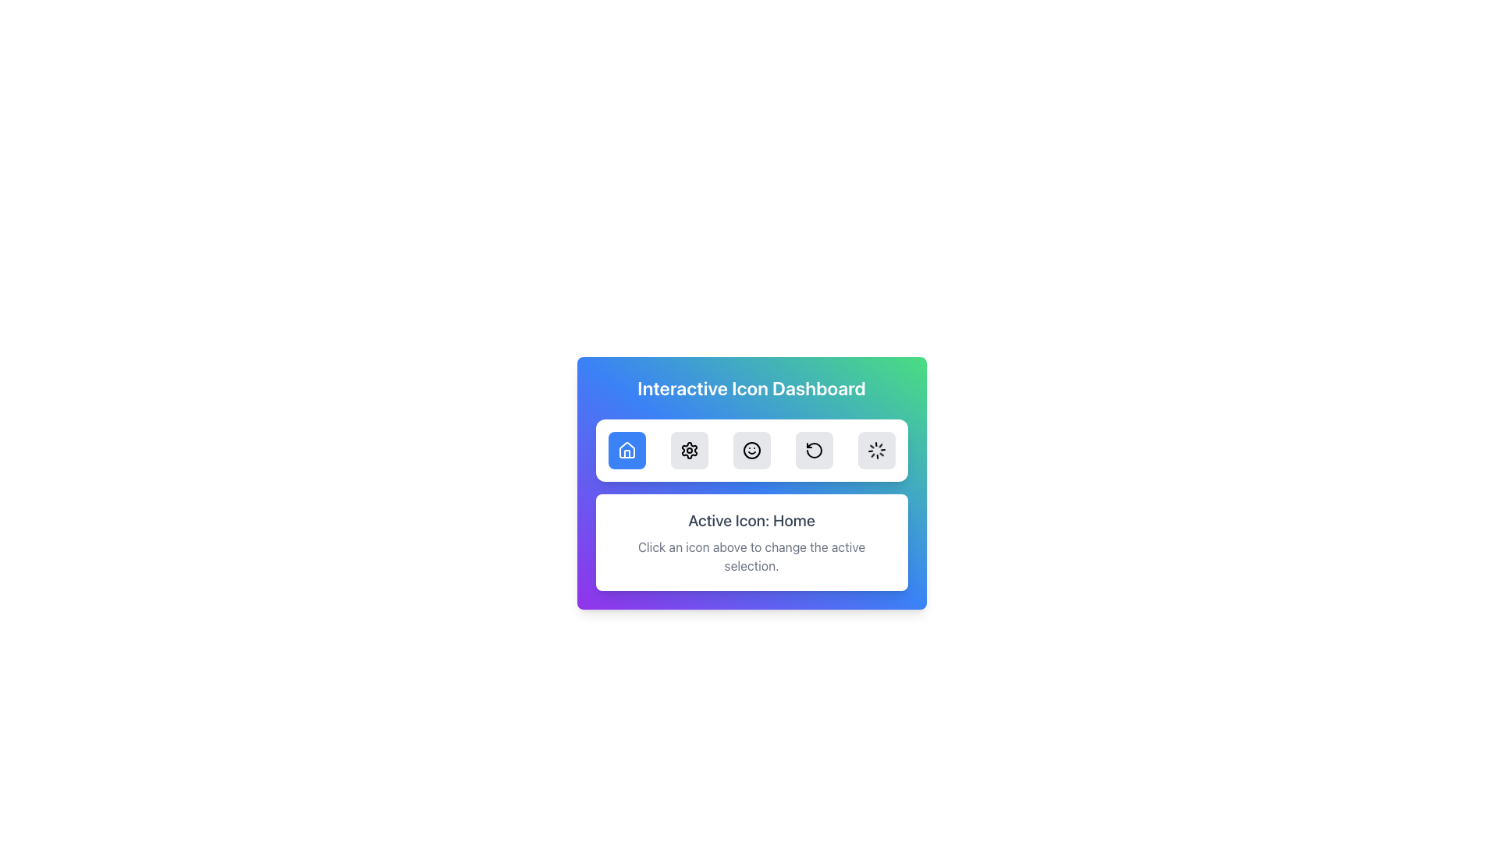  What do you see at coordinates (876, 451) in the screenshot?
I see `the fifth button in the 'Interactive Icon Dashboard' section` at bounding box center [876, 451].